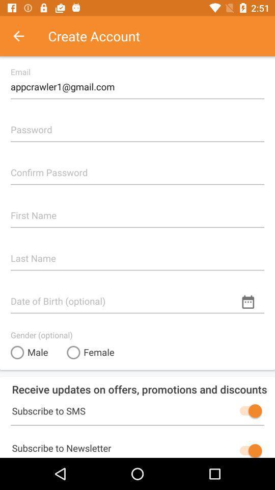 The image size is (275, 490). What do you see at coordinates (137, 168) in the screenshot?
I see `confirm password to sign up` at bounding box center [137, 168].